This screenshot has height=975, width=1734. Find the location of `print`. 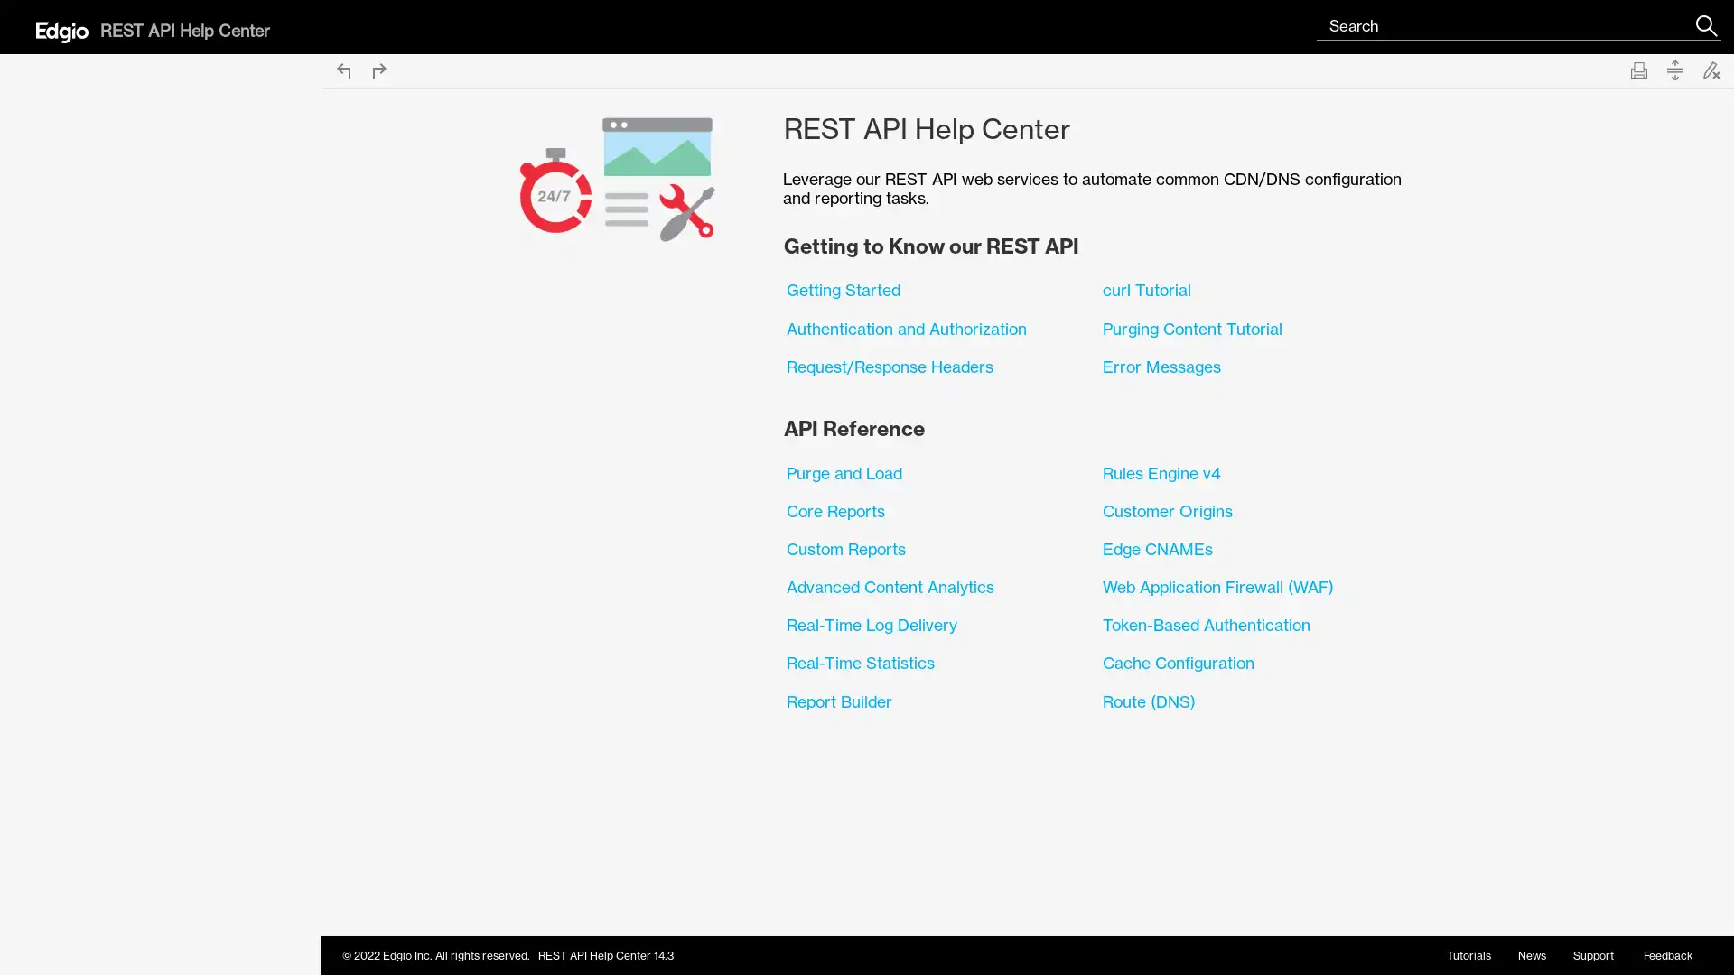

print is located at coordinates (1638, 69).